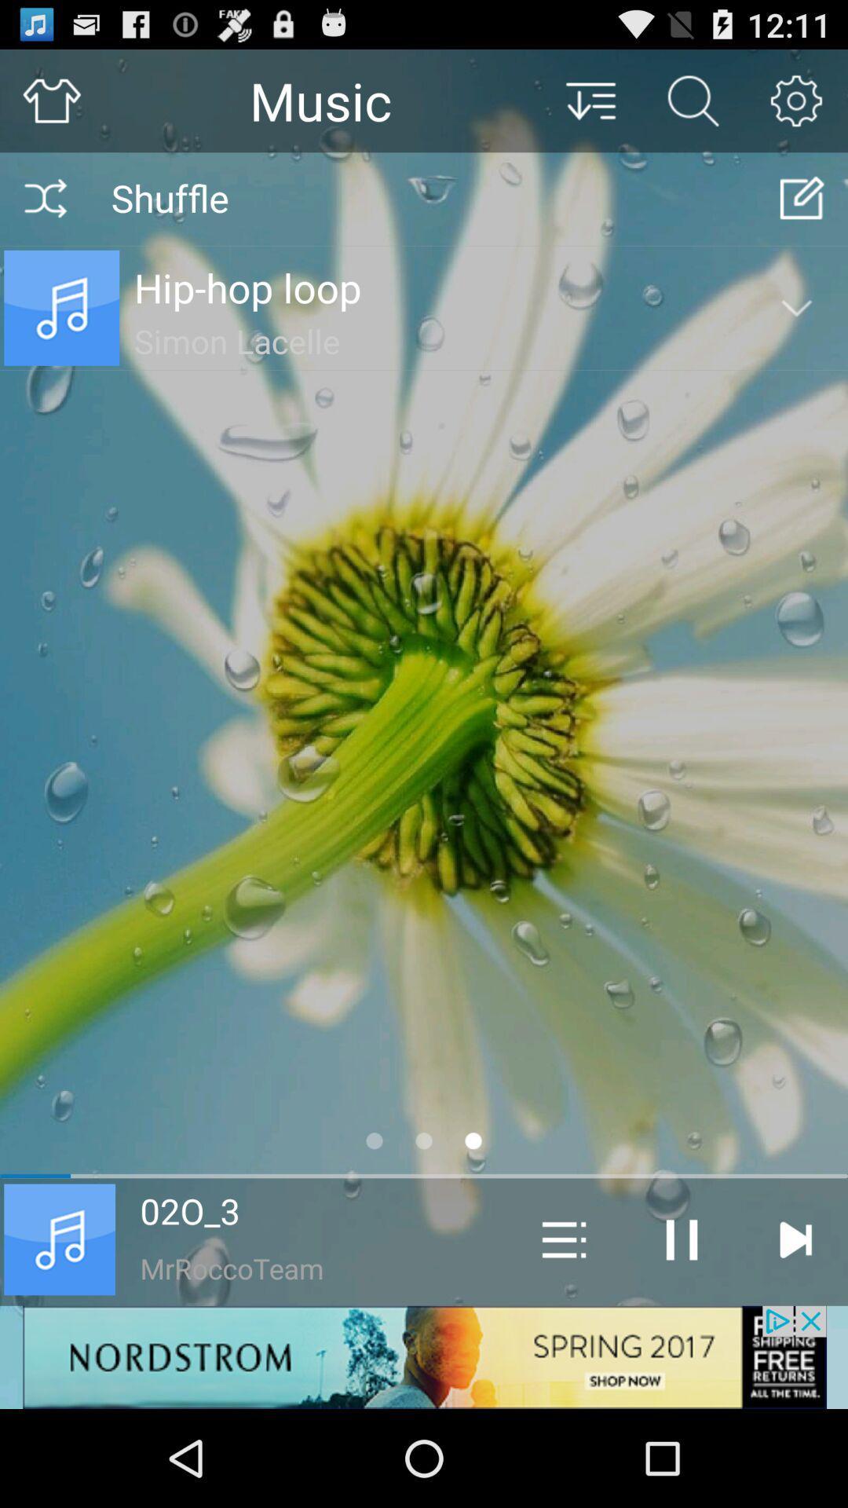  I want to click on the filter_list icon, so click(590, 107).